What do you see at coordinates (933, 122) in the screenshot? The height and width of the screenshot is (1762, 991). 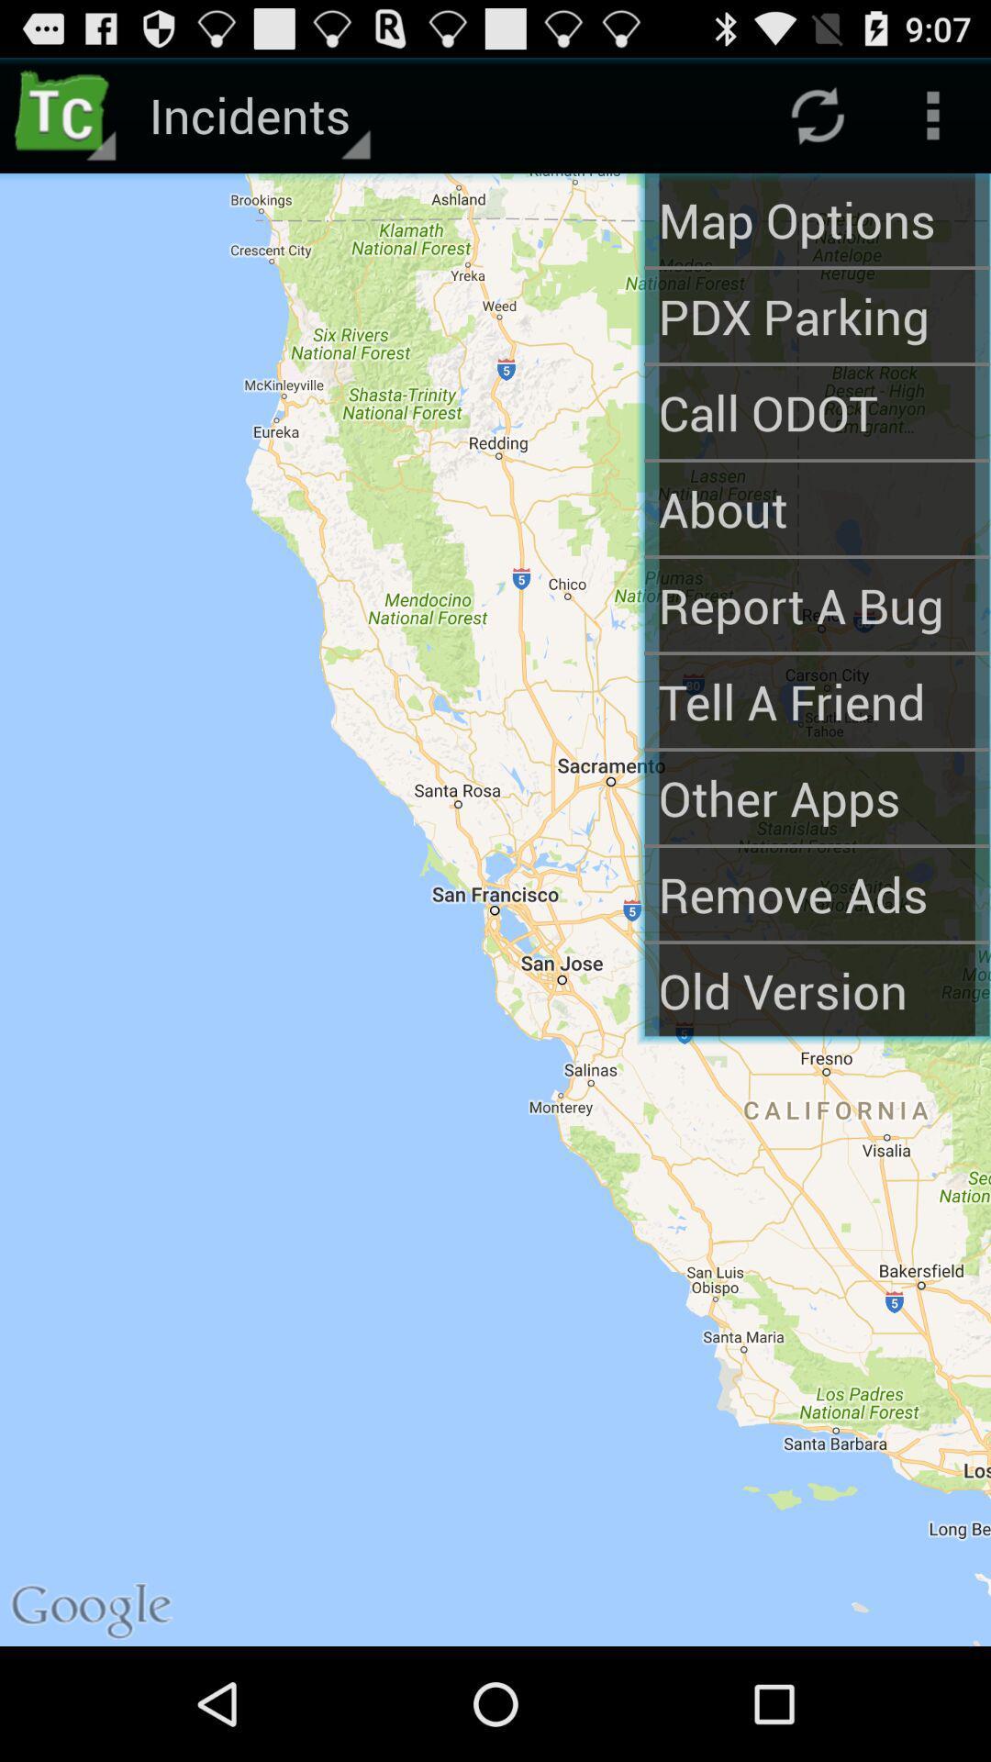 I see `the more icon` at bounding box center [933, 122].